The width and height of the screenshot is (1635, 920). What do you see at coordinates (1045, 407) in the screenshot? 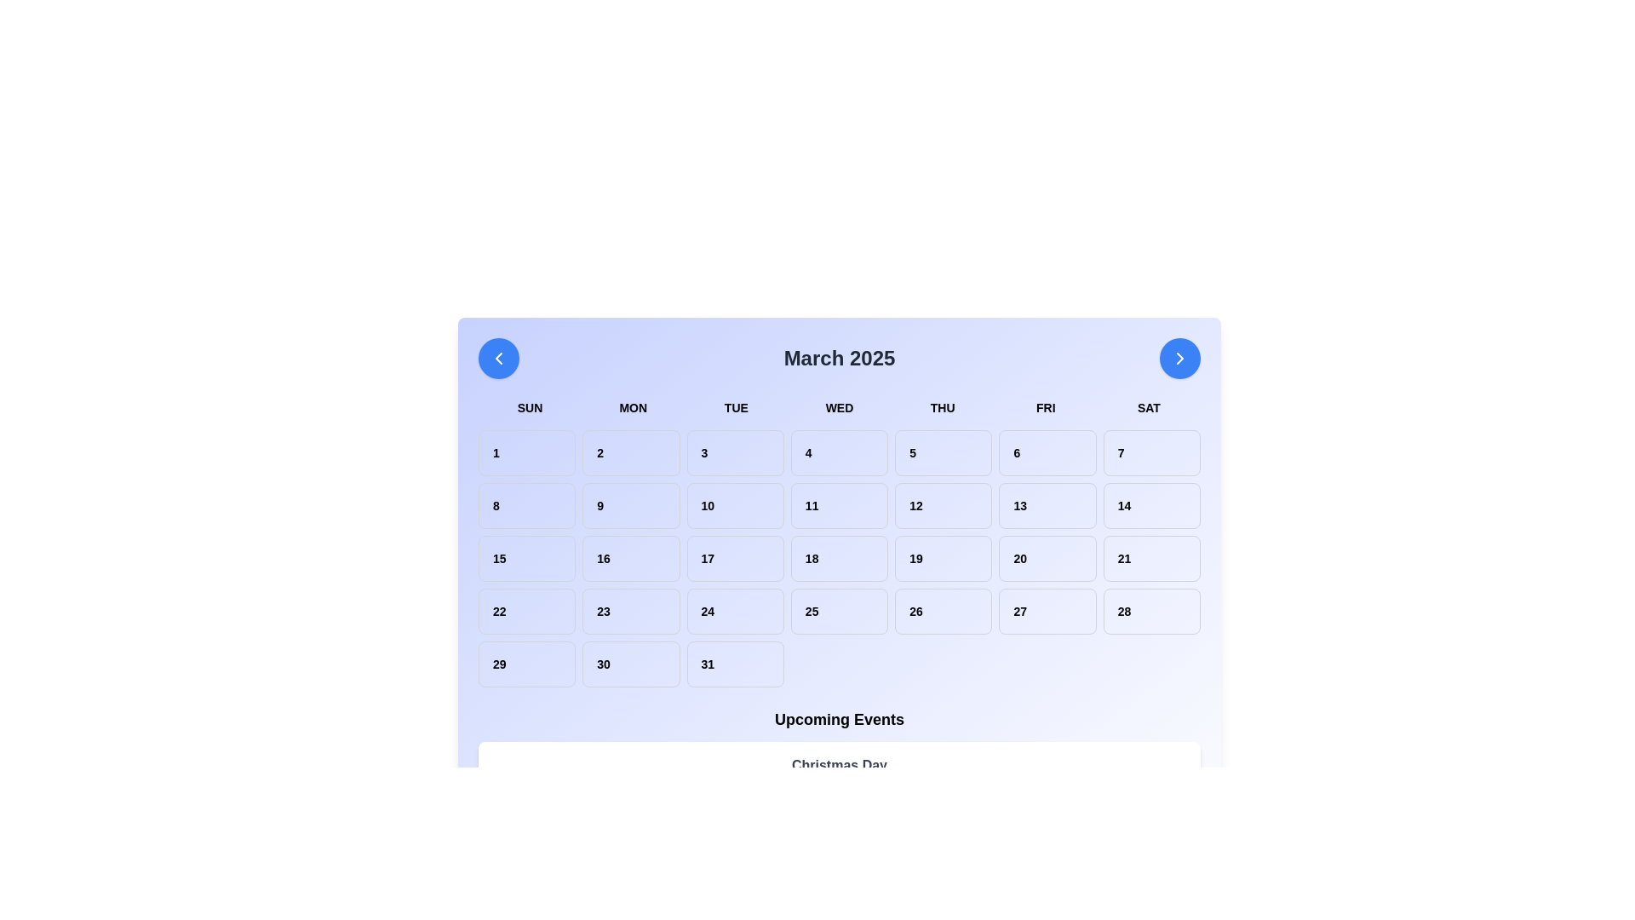
I see `the static text label for Fridays in the calendar grid to help users identify the corresponding dates` at bounding box center [1045, 407].